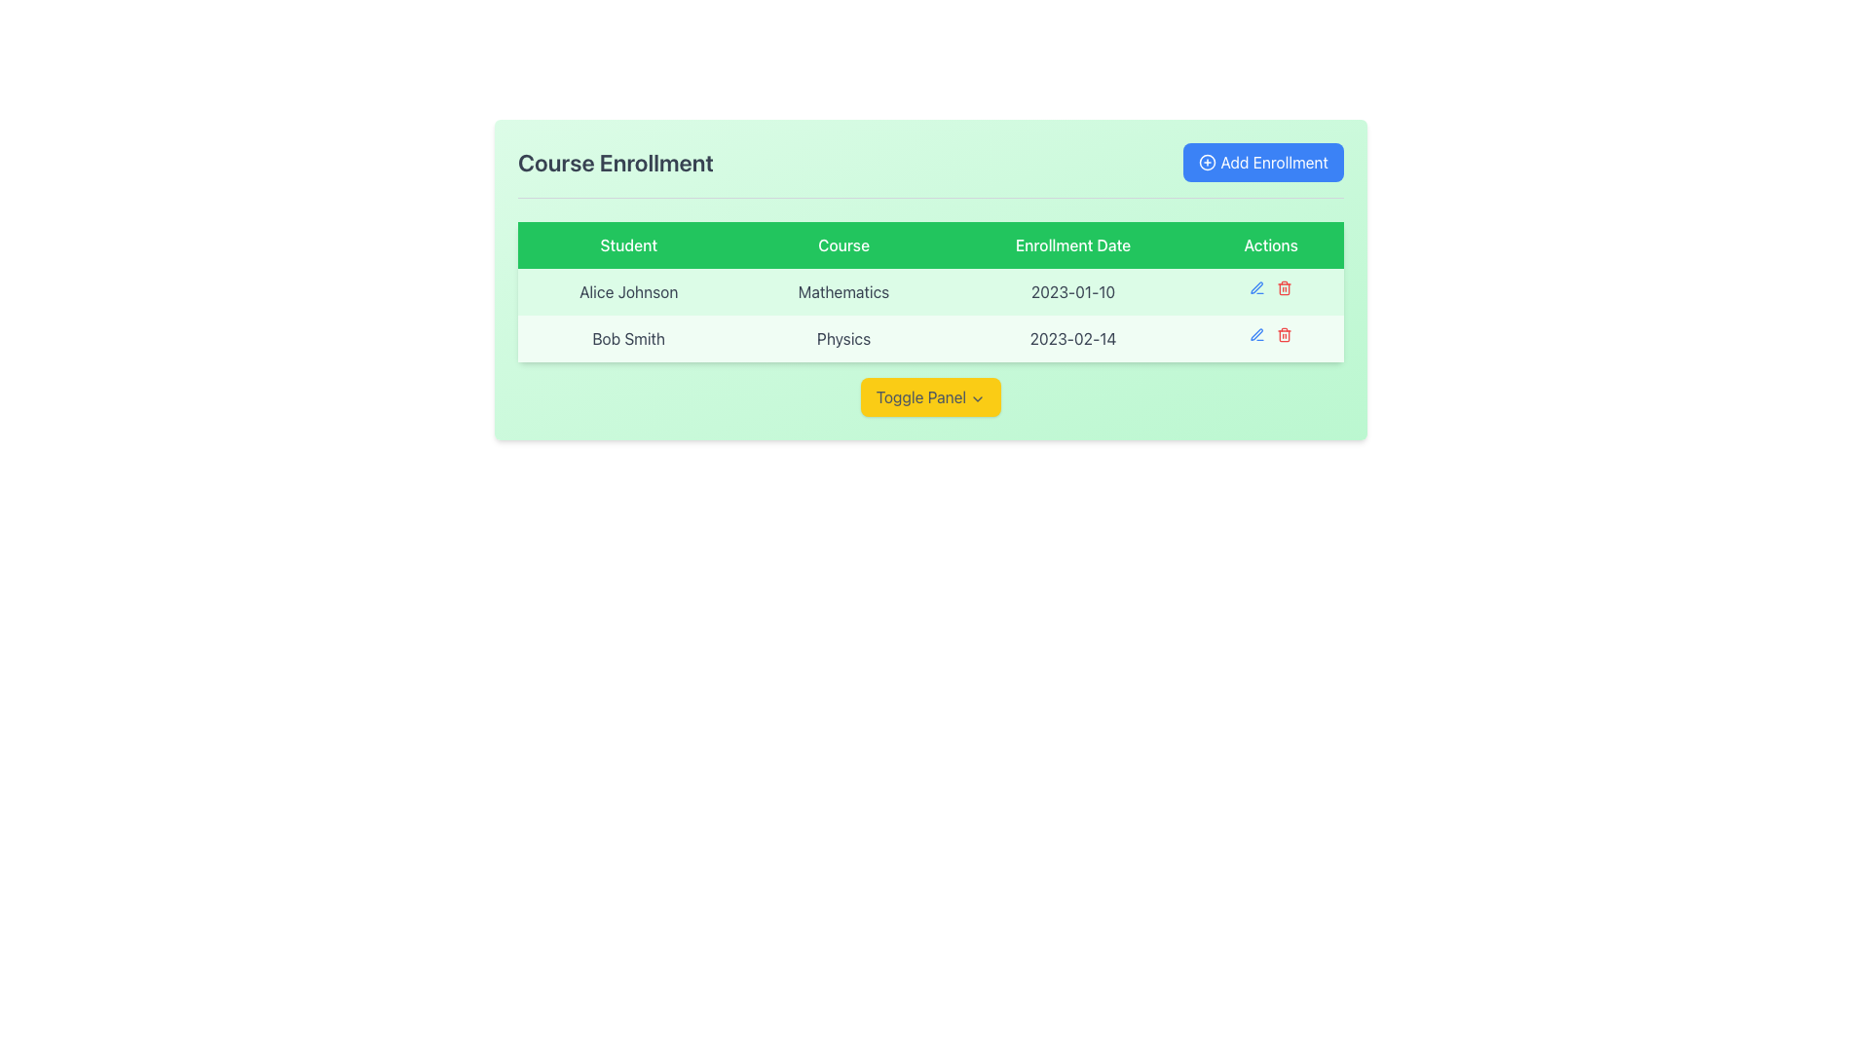 The width and height of the screenshot is (1870, 1052). What do you see at coordinates (1285, 333) in the screenshot?
I see `the delete icon button in the 'Actions' column of the second row under 'Course Enrollment'` at bounding box center [1285, 333].